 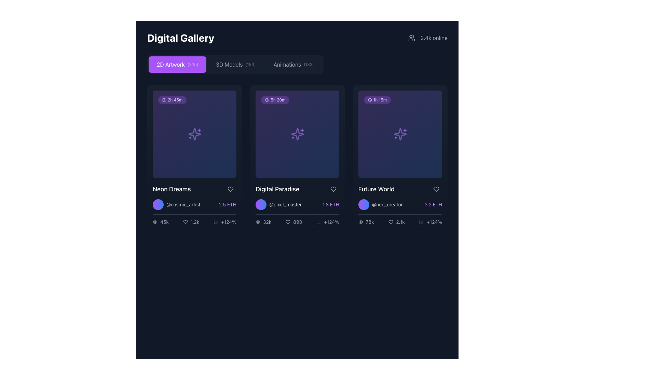 What do you see at coordinates (288, 222) in the screenshot?
I see `the heart-shaped icon located near the number '890' in the bottom section of the 'Digital Paradise' card to like or favorite the content` at bounding box center [288, 222].